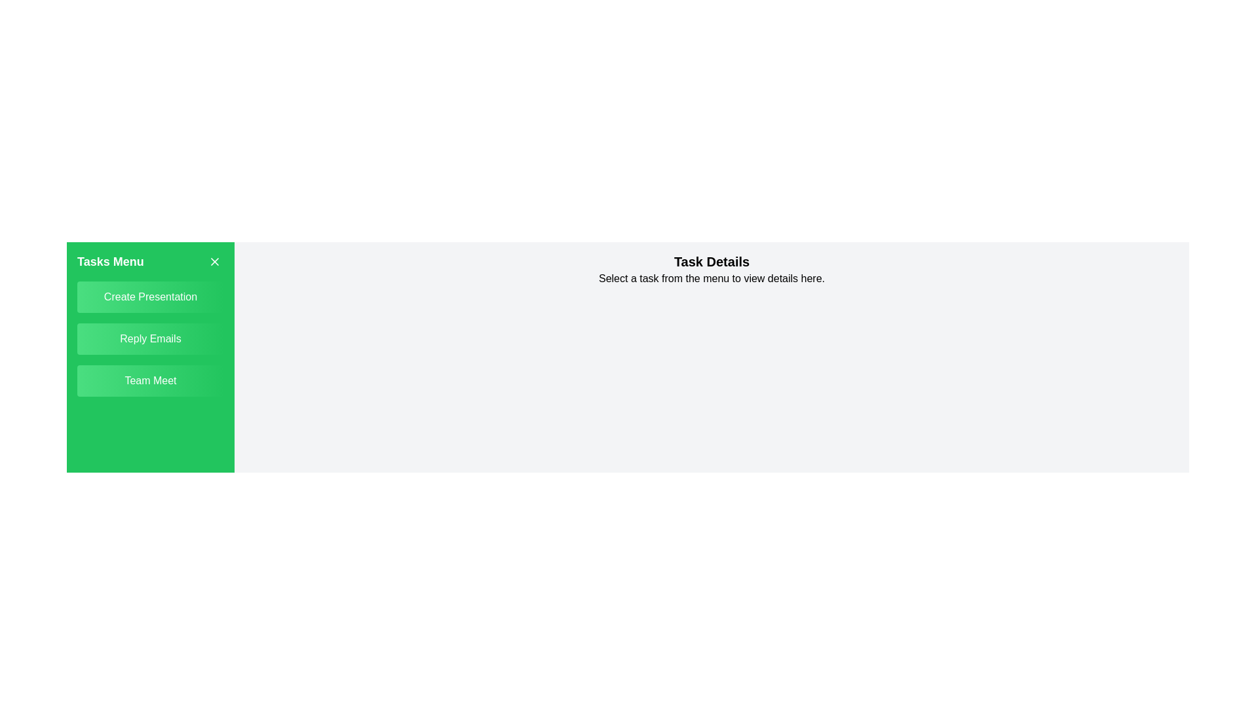  I want to click on the task titled Team Meet in the task list, so click(151, 381).